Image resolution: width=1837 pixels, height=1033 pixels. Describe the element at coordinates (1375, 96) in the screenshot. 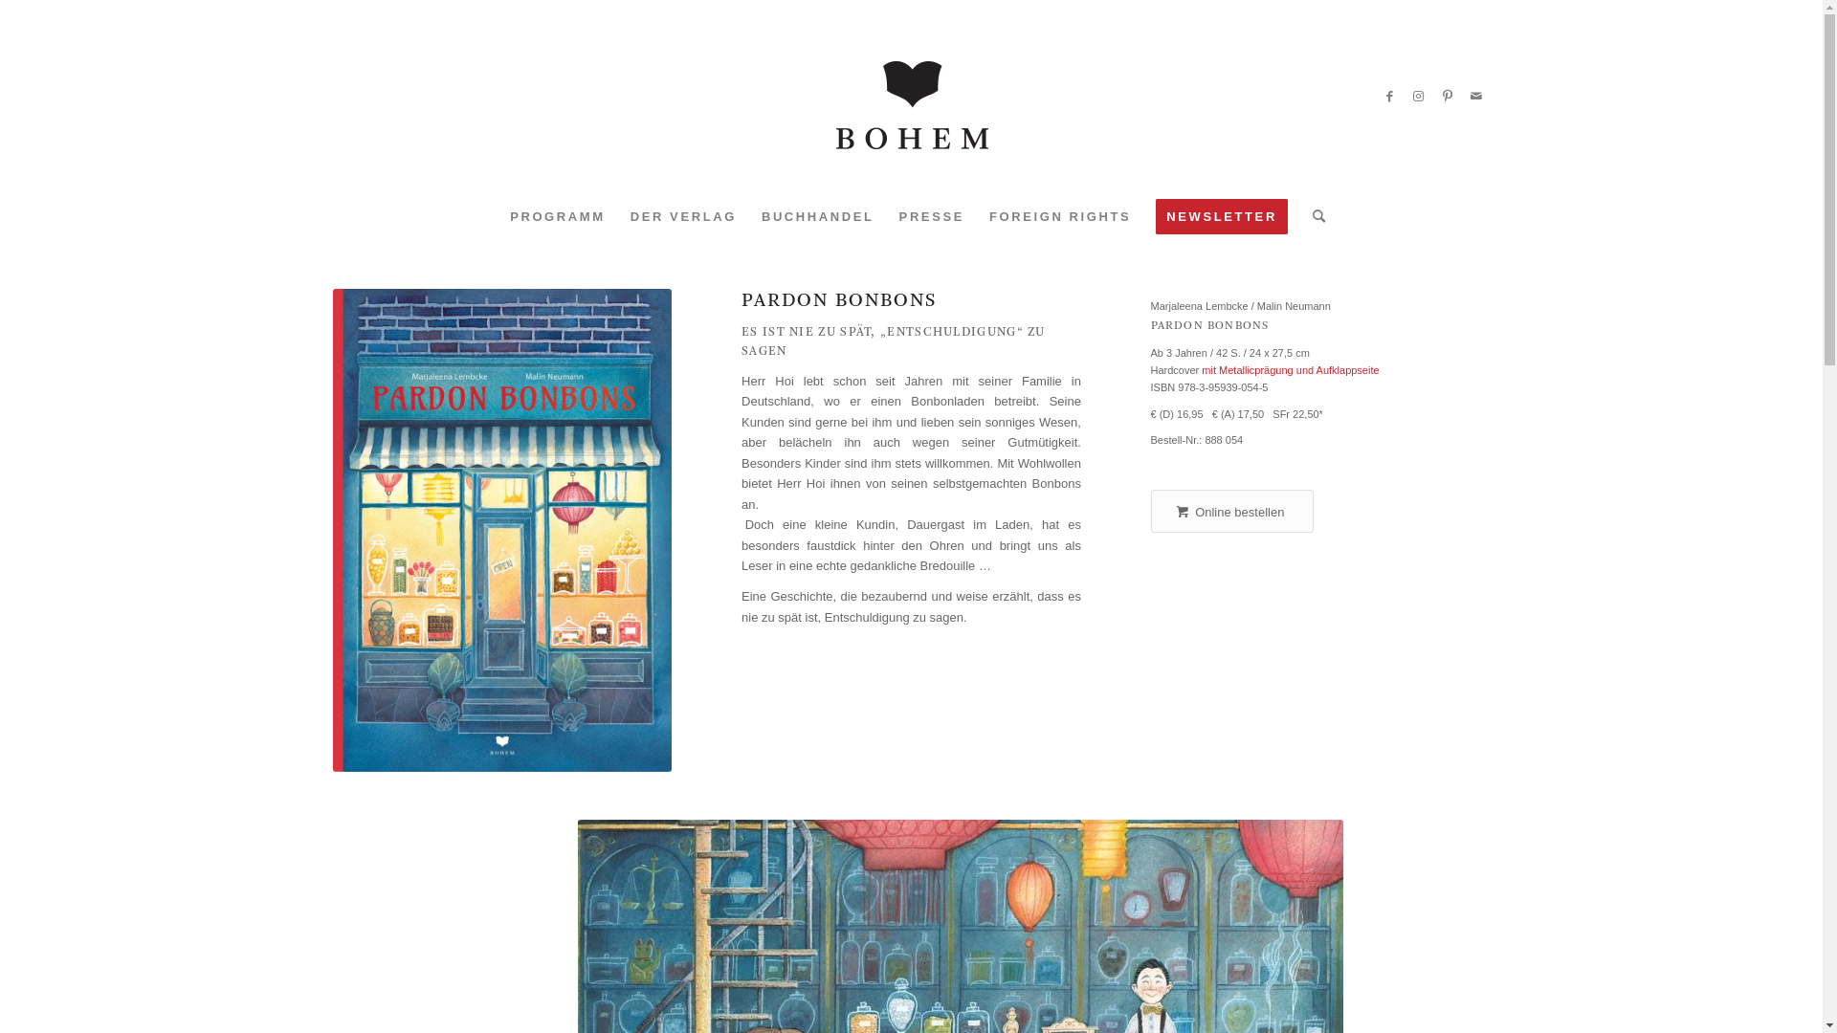

I see `'Facebook'` at that location.